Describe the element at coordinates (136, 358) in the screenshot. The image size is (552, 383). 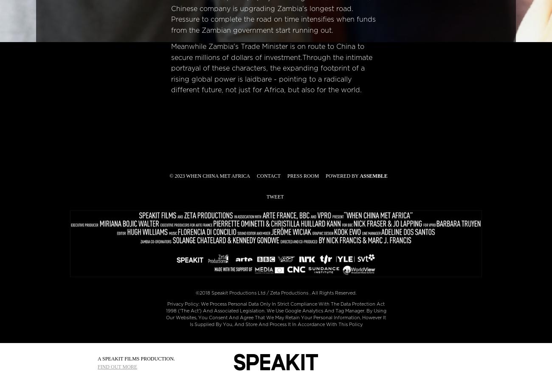
I see `'A Speakit Films Production.'` at that location.